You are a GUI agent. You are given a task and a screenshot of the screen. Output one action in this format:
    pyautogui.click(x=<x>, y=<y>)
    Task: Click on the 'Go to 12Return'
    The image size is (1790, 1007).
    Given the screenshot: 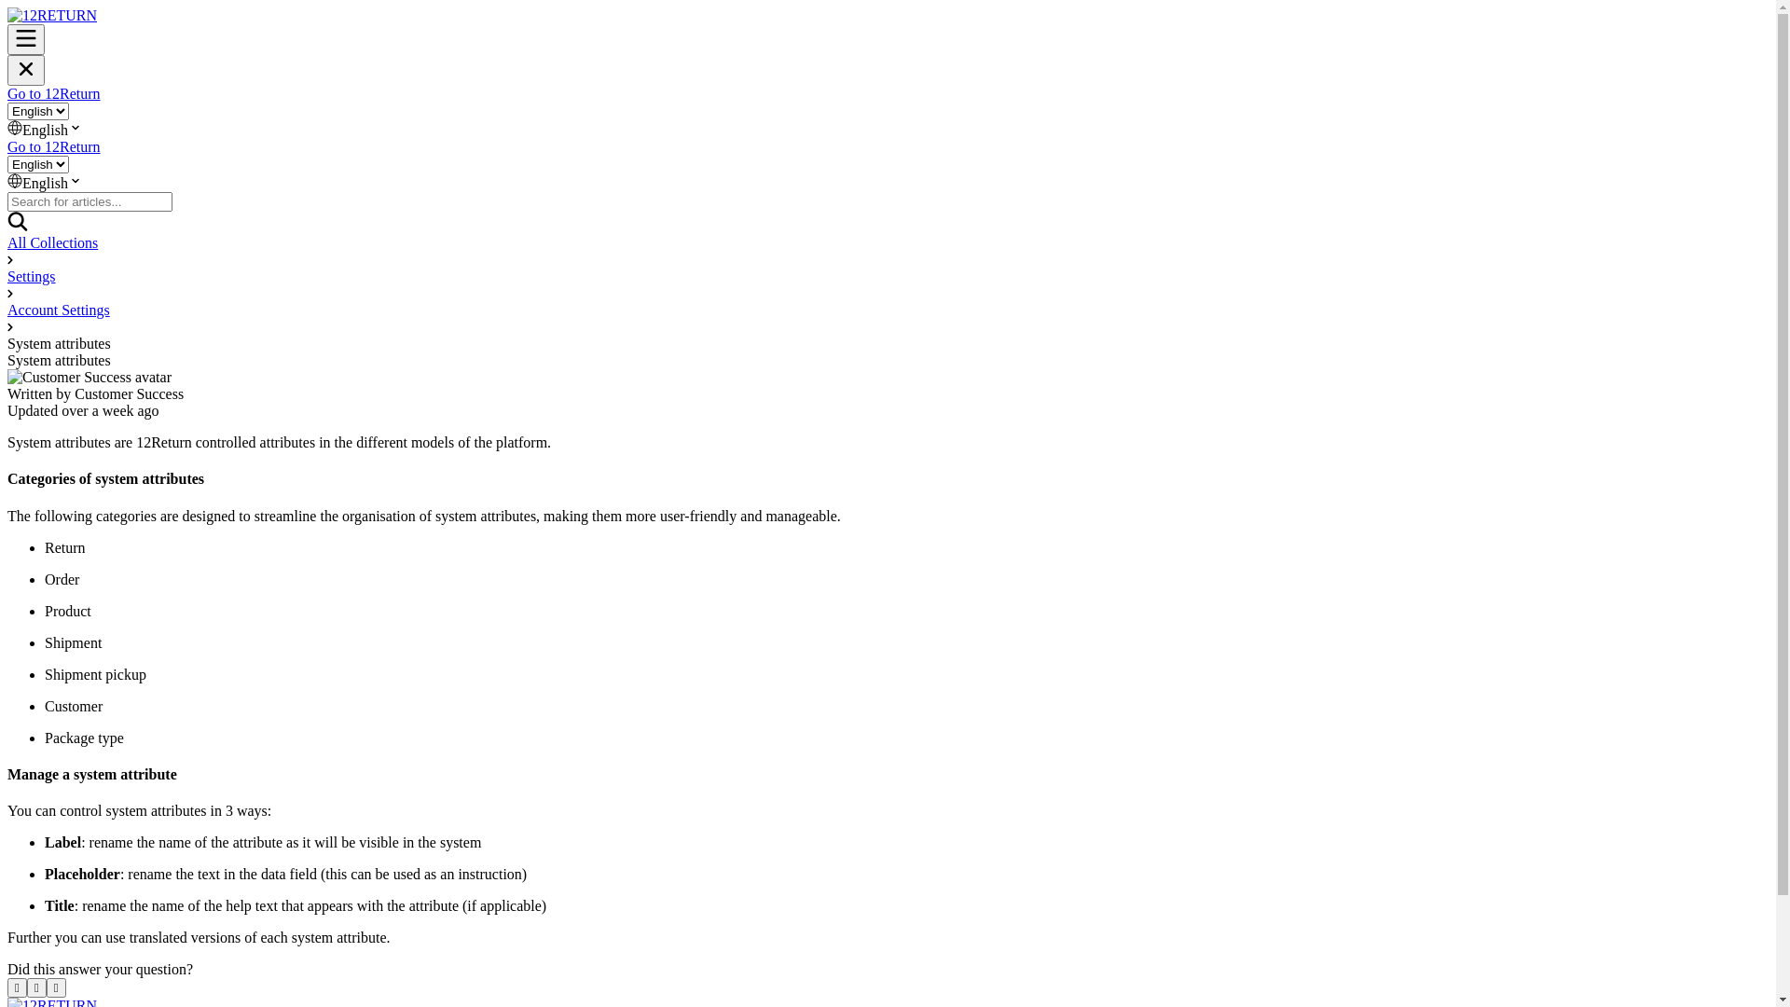 What is the action you would take?
    pyautogui.click(x=7, y=93)
    